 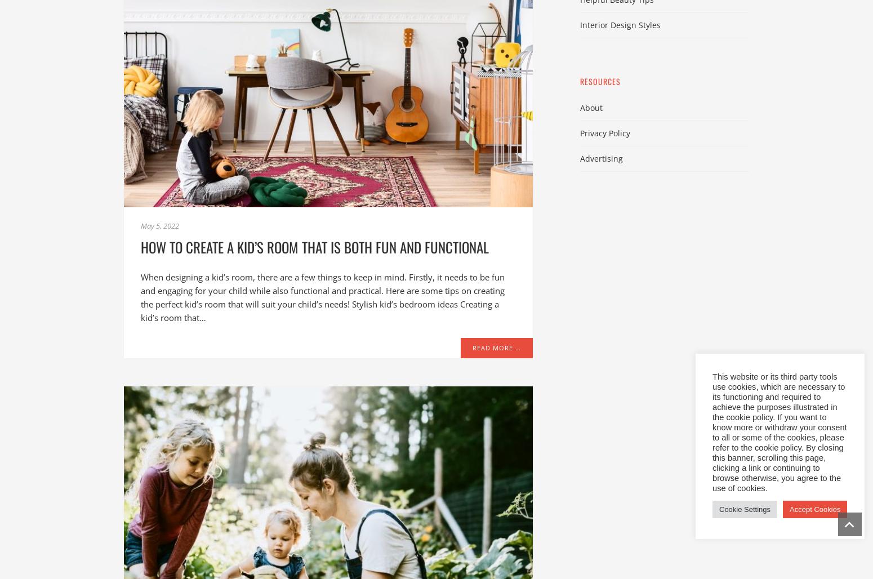 I want to click on 'How to Create a Kid’s Room That Is Both Fun and Functional', so click(x=141, y=246).